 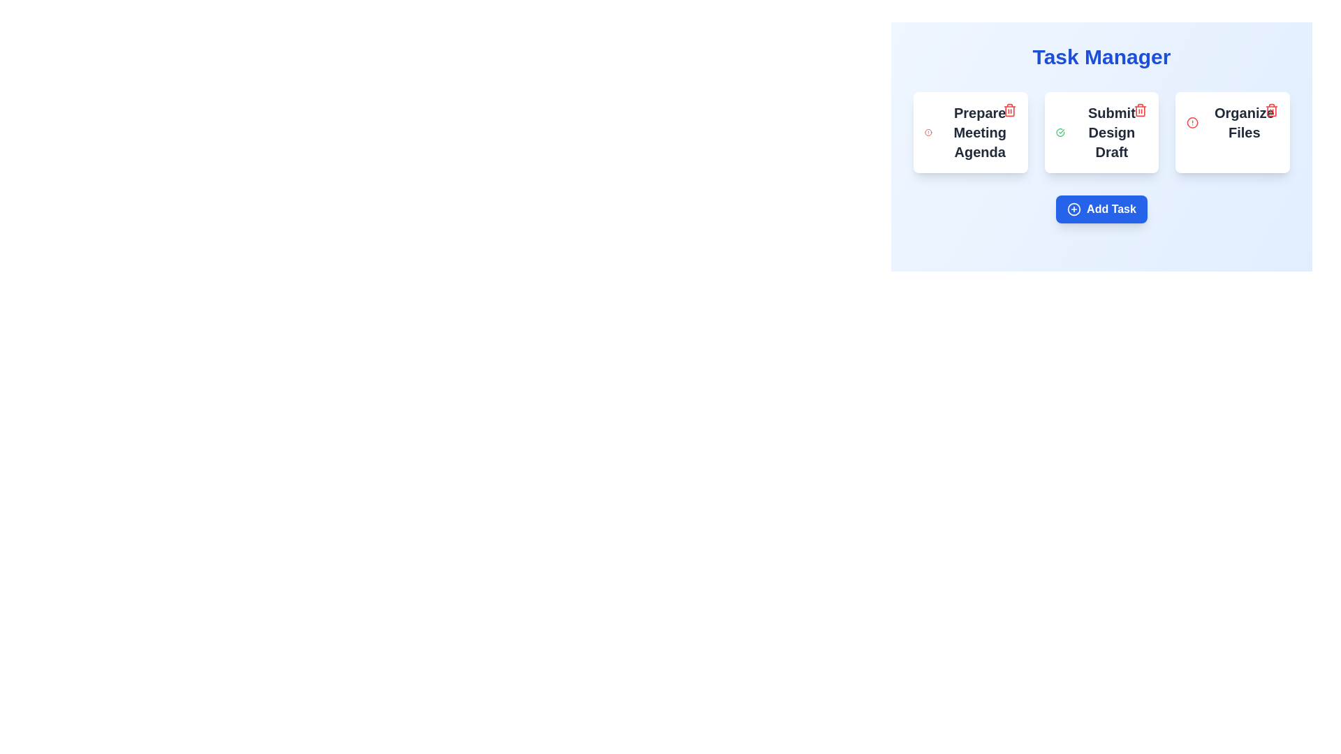 What do you see at coordinates (1073, 209) in the screenshot?
I see `the circular part of the 'plus inside a circle' graphic which is part of the 'Add Task' button located at the bottom of the task management section` at bounding box center [1073, 209].